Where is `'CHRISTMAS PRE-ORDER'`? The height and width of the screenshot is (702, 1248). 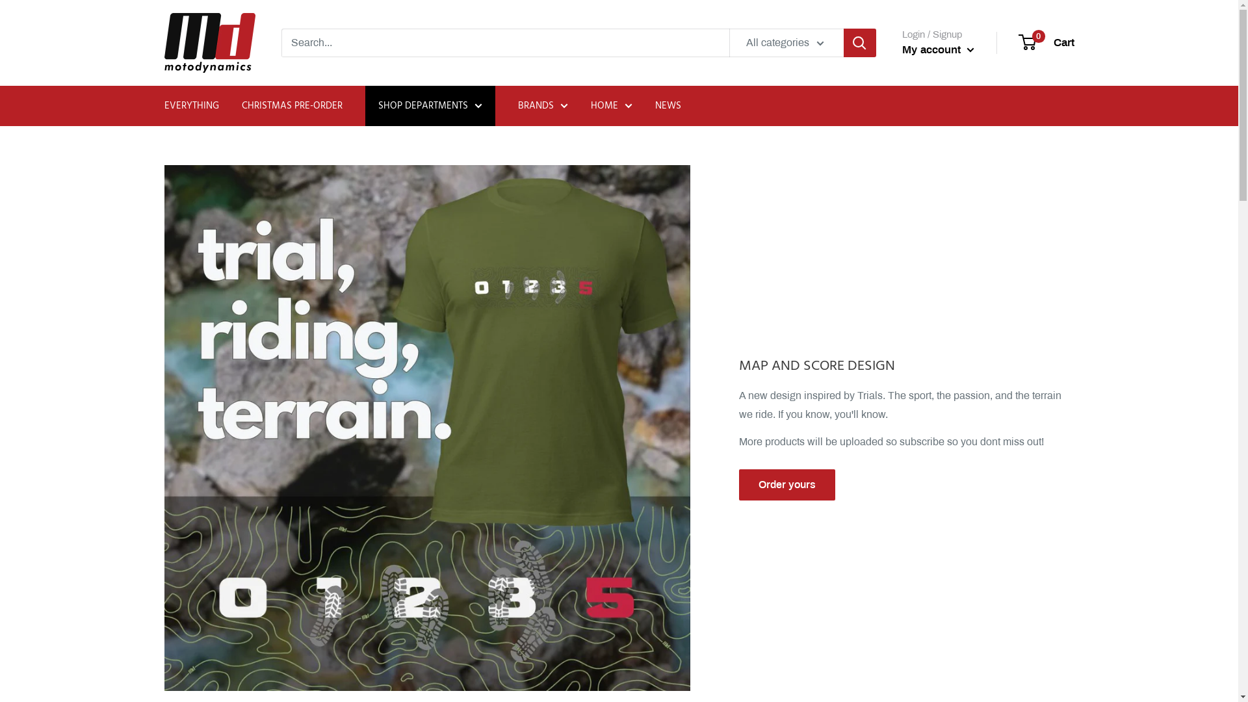
'CHRISTMAS PRE-ORDER' is located at coordinates (291, 105).